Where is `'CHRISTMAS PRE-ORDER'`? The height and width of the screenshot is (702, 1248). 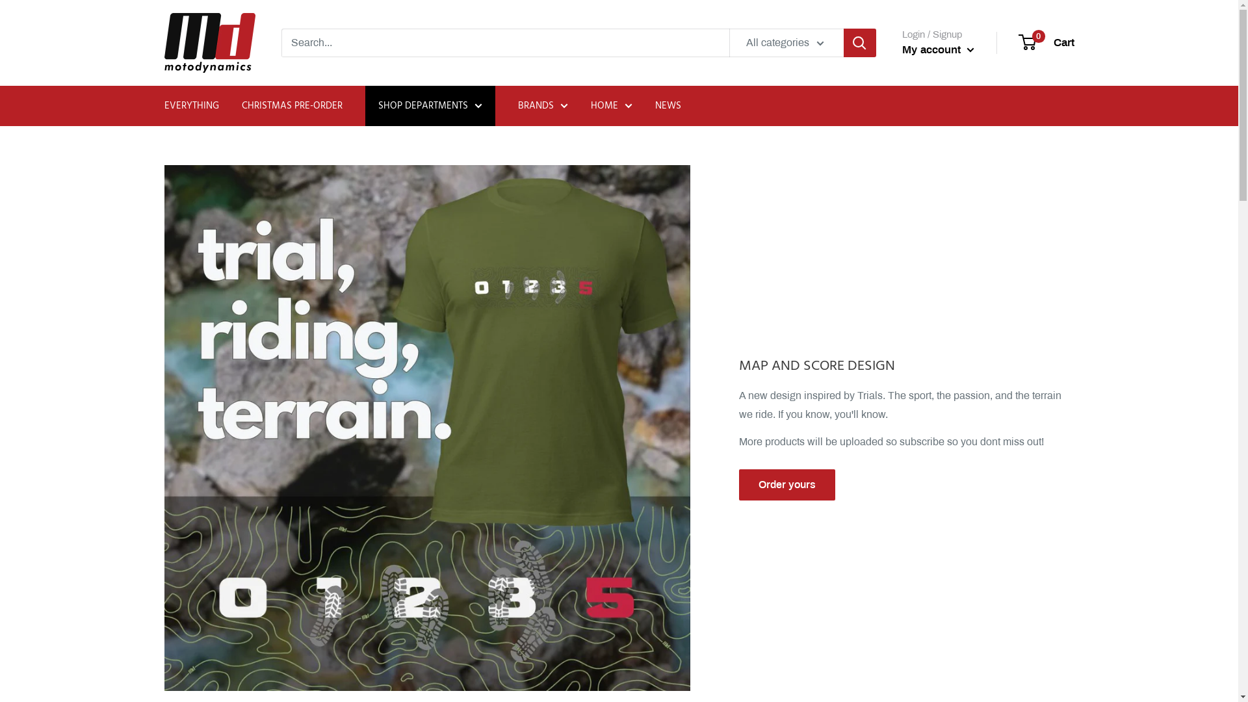
'CHRISTMAS PRE-ORDER' is located at coordinates (291, 105).